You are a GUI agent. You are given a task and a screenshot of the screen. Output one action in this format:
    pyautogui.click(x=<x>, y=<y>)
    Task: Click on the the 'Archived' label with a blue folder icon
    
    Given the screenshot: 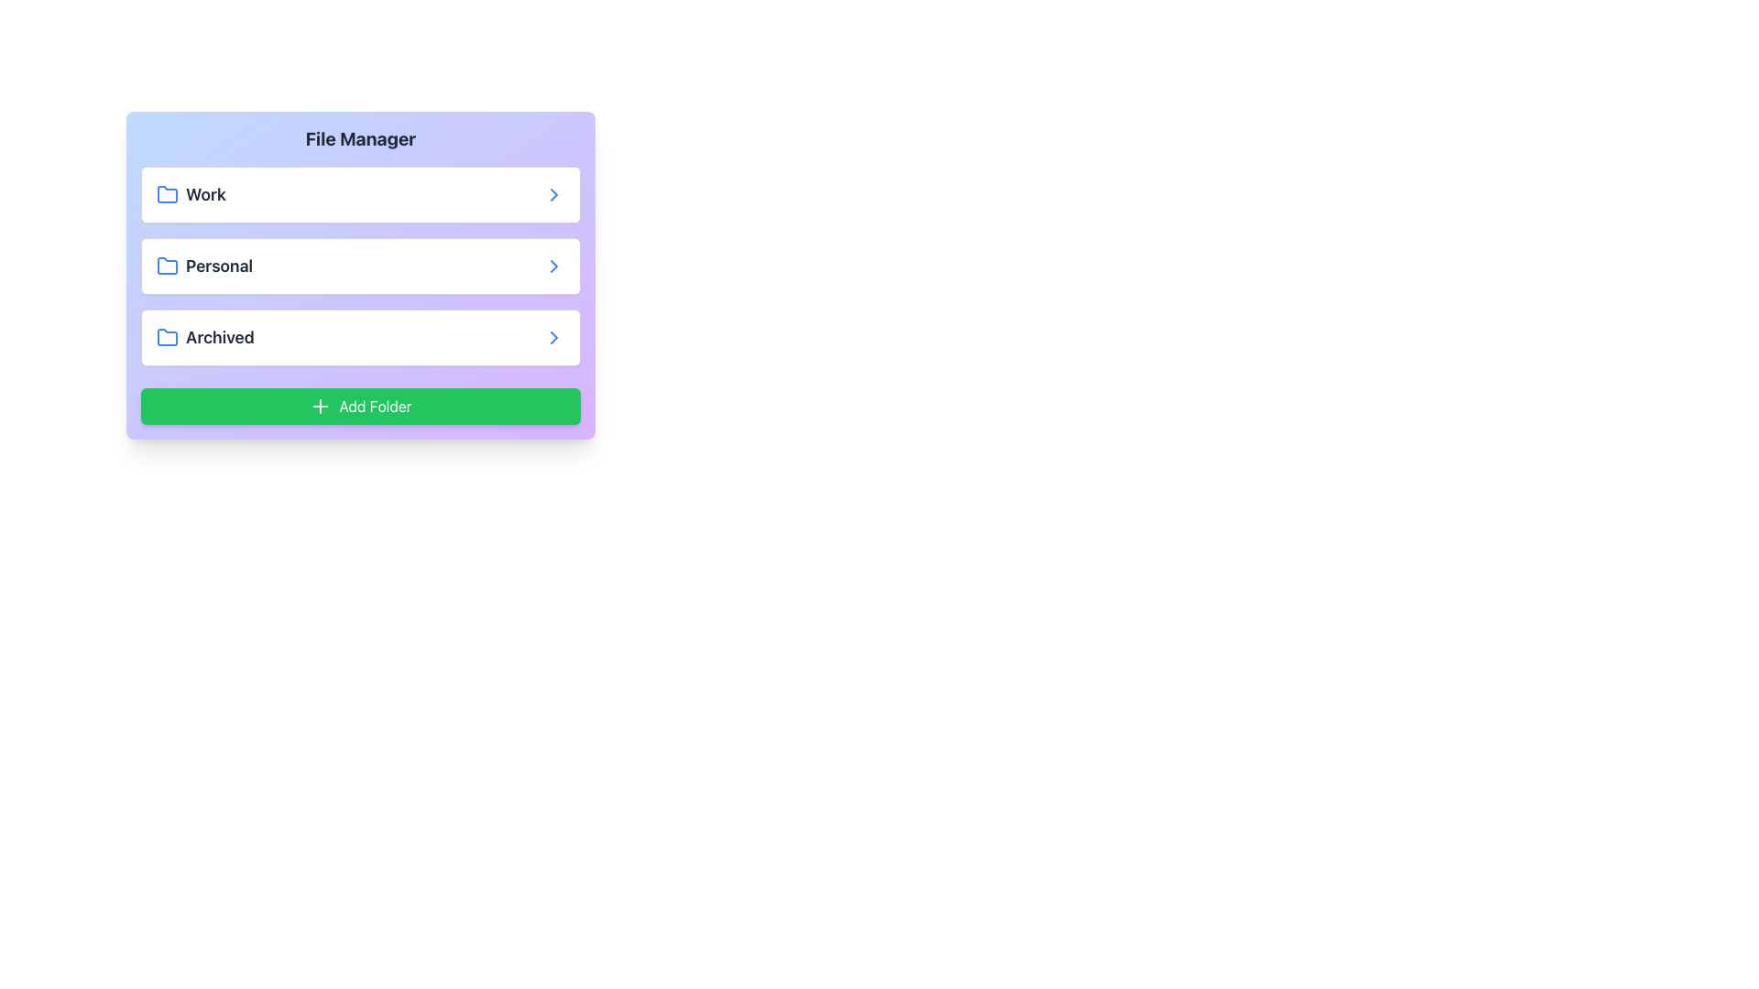 What is the action you would take?
    pyautogui.click(x=205, y=338)
    